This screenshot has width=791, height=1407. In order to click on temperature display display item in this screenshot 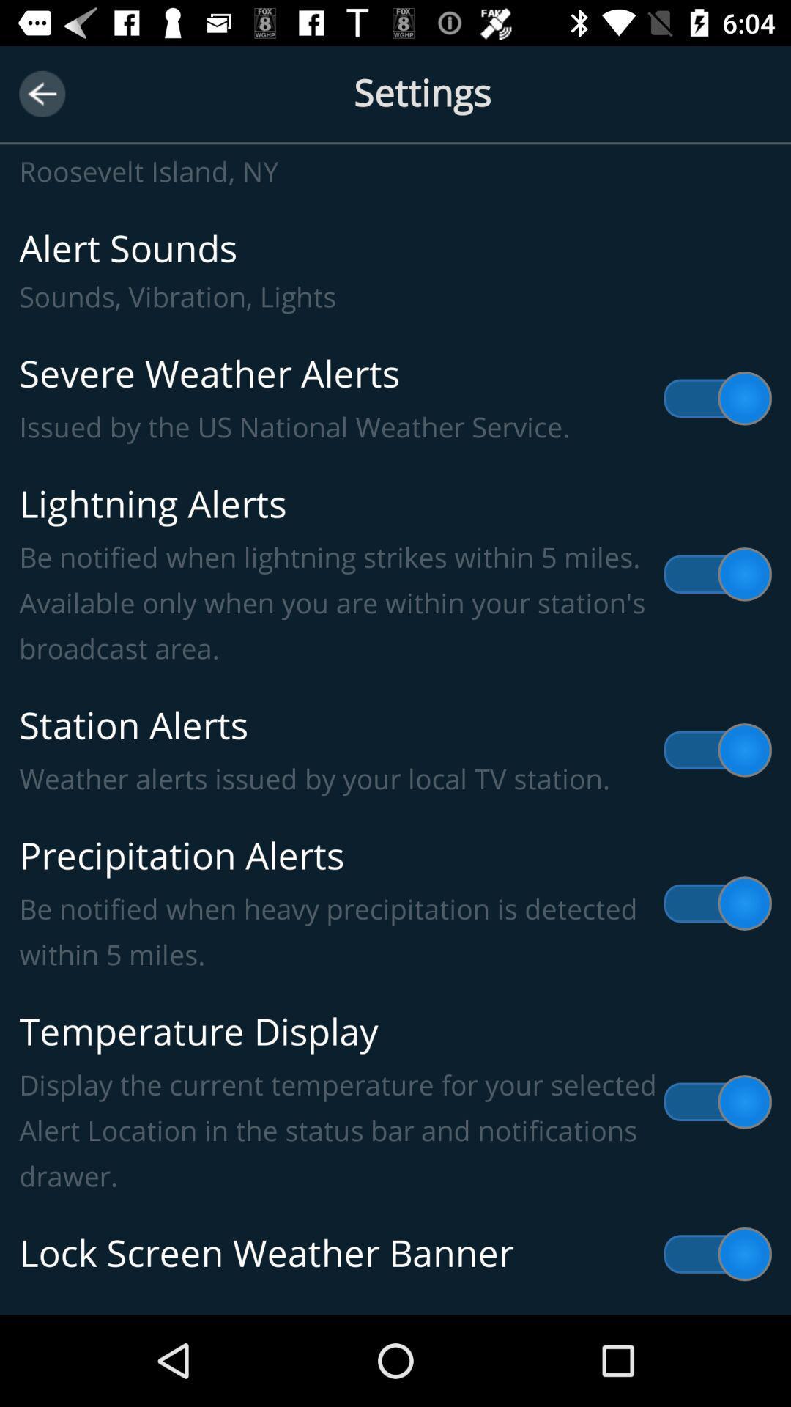, I will do `click(395, 1102)`.